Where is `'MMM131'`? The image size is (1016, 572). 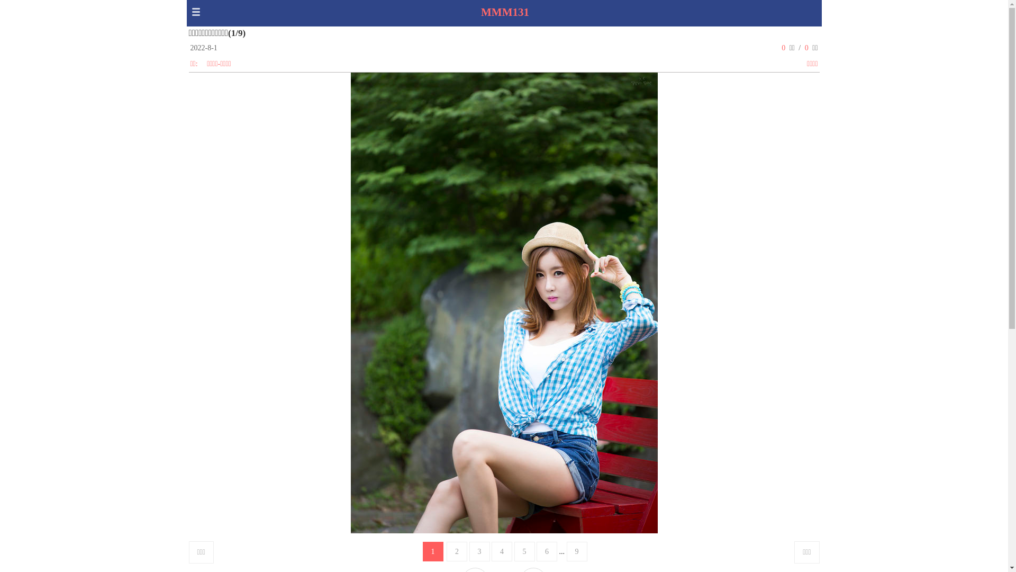
'MMM131' is located at coordinates (504, 12).